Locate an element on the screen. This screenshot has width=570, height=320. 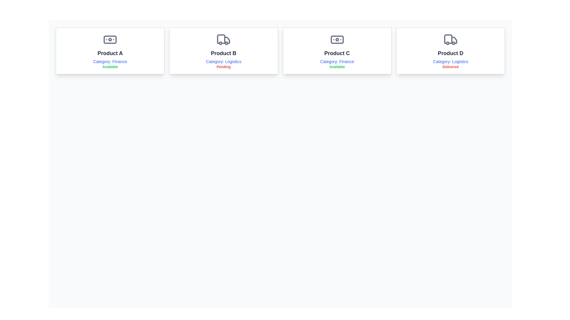
the static text label that describes the product category 'Logistics', located in the fourth card from the left, under the heading 'Product D', and positioned above the 'Delivered' label is located at coordinates (450, 62).